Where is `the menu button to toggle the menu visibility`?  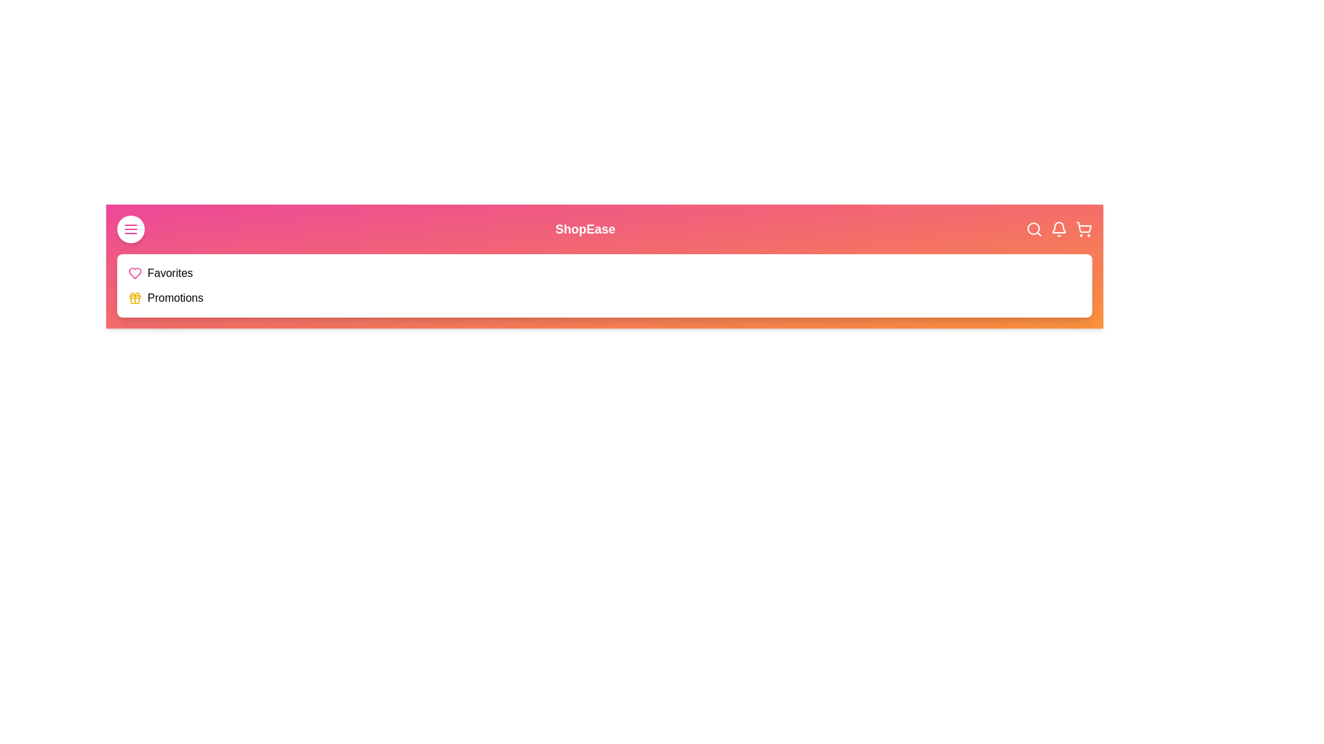 the menu button to toggle the menu visibility is located at coordinates (131, 228).